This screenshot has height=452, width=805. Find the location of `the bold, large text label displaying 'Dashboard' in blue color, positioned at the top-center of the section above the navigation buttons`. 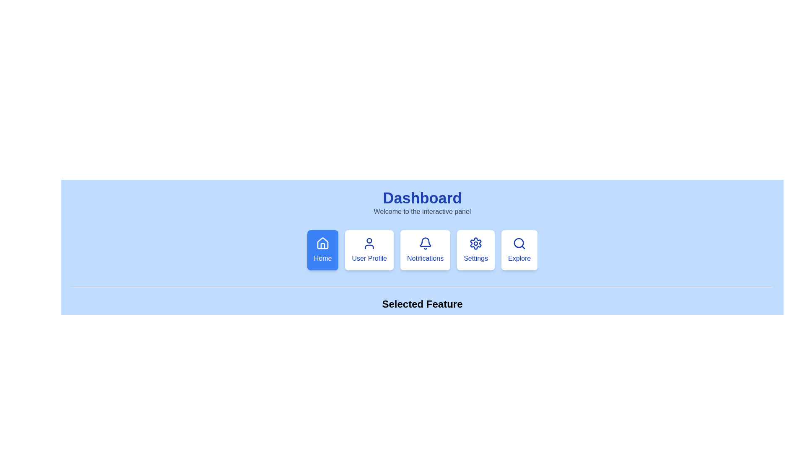

the bold, large text label displaying 'Dashboard' in blue color, positioned at the top-center of the section above the navigation buttons is located at coordinates (422, 198).